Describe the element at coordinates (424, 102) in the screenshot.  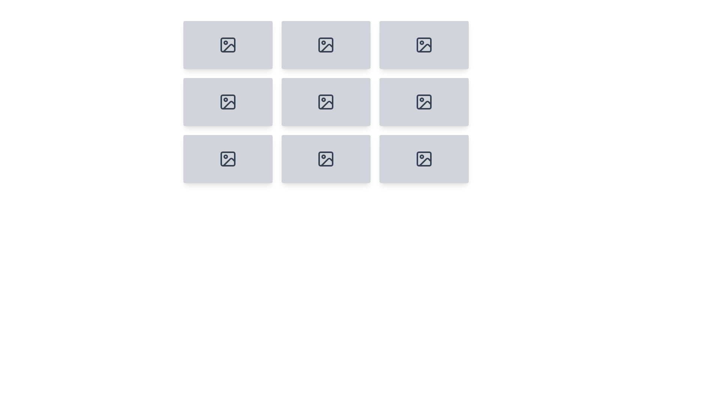
I see `the fourth instance of the image icon in a 3x3 grid layout, located in the second cell of the second row, to initiate further interaction` at that location.